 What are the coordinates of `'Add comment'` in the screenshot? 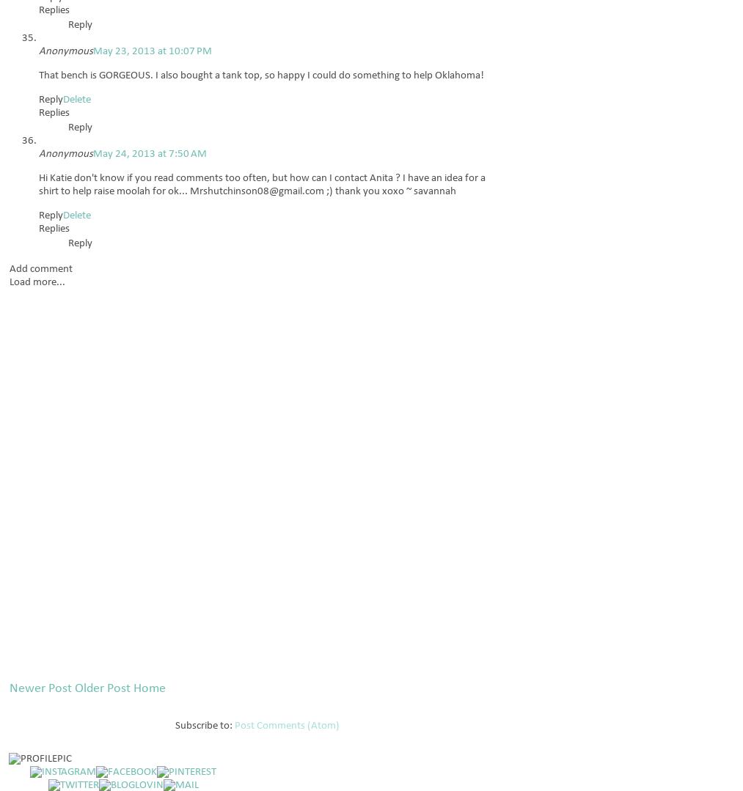 It's located at (40, 269).